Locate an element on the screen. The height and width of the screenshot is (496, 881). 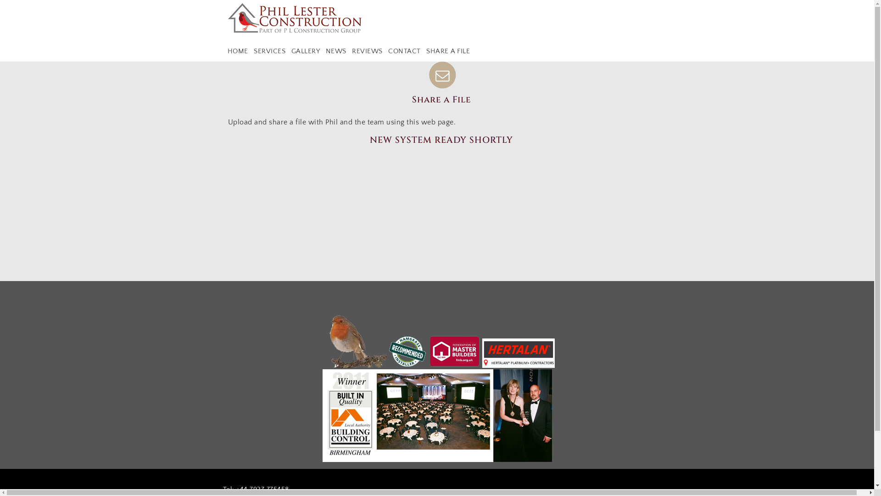
'NEWS' is located at coordinates (335, 51).